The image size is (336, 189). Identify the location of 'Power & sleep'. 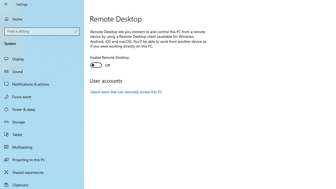
(42, 109).